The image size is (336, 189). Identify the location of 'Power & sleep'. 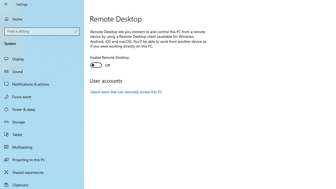
(42, 109).